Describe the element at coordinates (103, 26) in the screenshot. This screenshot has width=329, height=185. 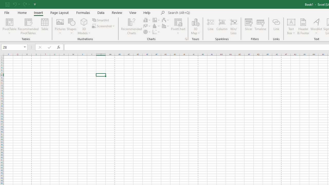
I see `'Screenshot'` at that location.